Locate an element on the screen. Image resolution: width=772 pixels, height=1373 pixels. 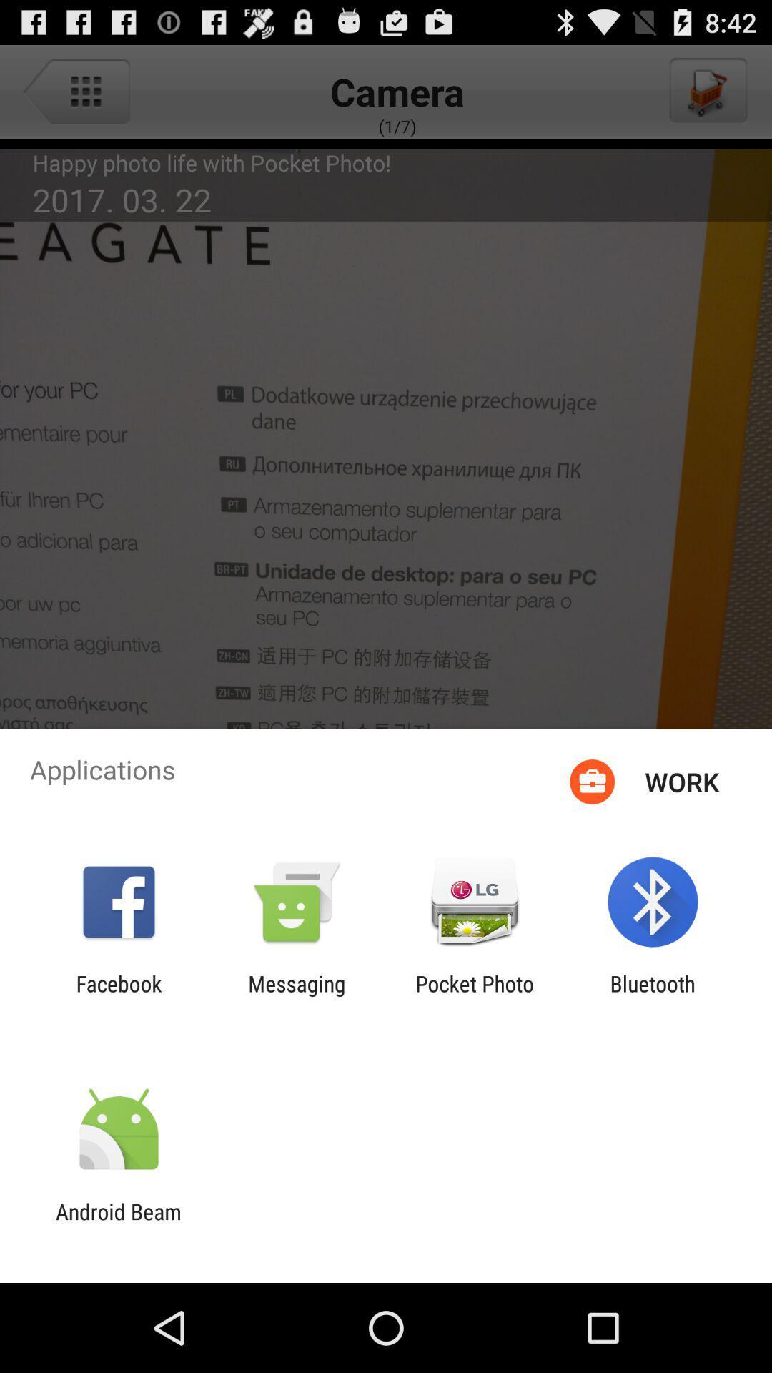
the item to the right of the messaging app is located at coordinates (475, 995).